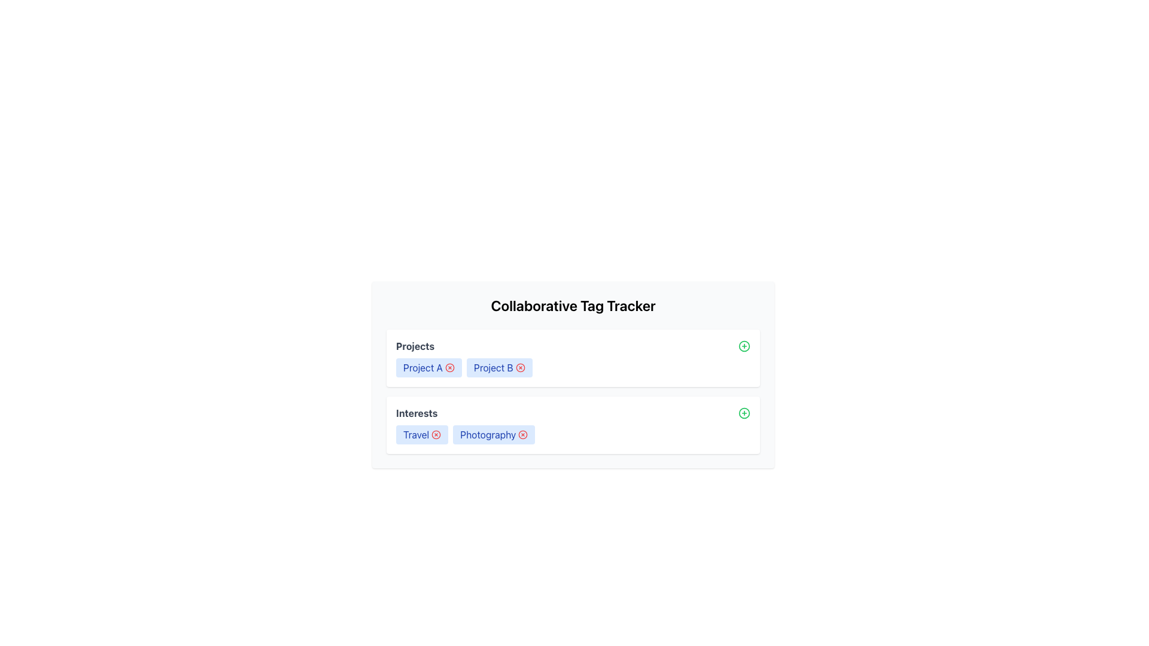 This screenshot has height=646, width=1149. What do you see at coordinates (436, 434) in the screenshot?
I see `the inner circular shape of the action button located to the right of the 'Travel' tag in the 'Interests' section` at bounding box center [436, 434].